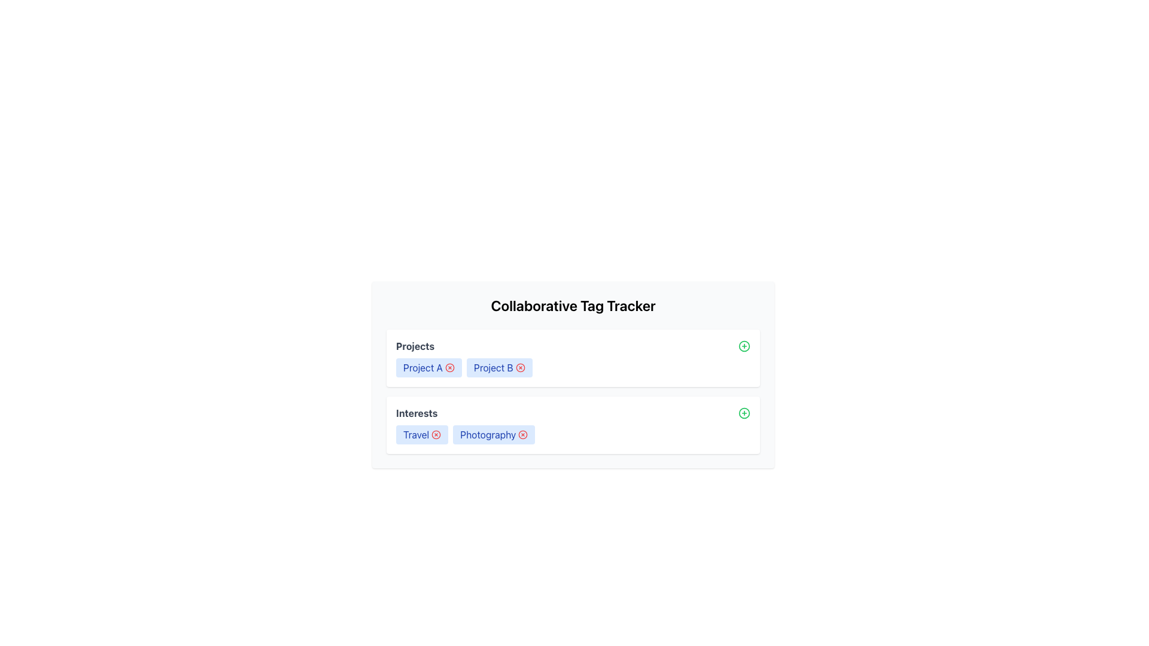 This screenshot has height=646, width=1149. What do you see at coordinates (436, 434) in the screenshot?
I see `the inner circular shape of the action button located to the right of the 'Travel' tag in the 'Interests' section` at bounding box center [436, 434].